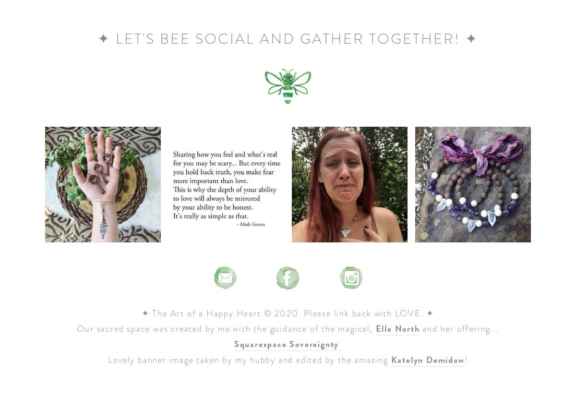 This screenshot has width=576, height=408. What do you see at coordinates (233, 343) in the screenshot?
I see `'Squarespace Sovereignty'` at bounding box center [233, 343].